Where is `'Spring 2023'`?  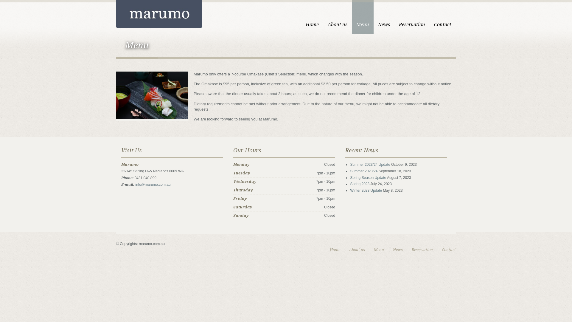 'Spring 2023' is located at coordinates (359, 184).